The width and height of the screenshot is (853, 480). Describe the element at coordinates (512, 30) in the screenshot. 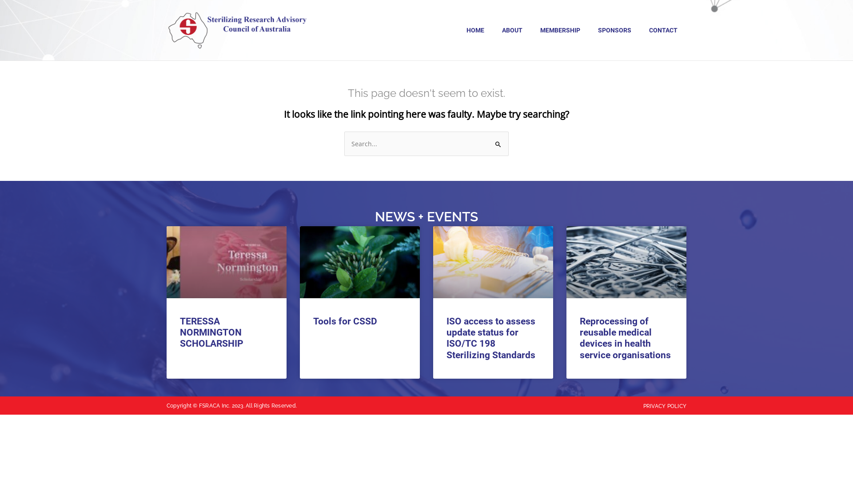

I see `'ABOUT'` at that location.